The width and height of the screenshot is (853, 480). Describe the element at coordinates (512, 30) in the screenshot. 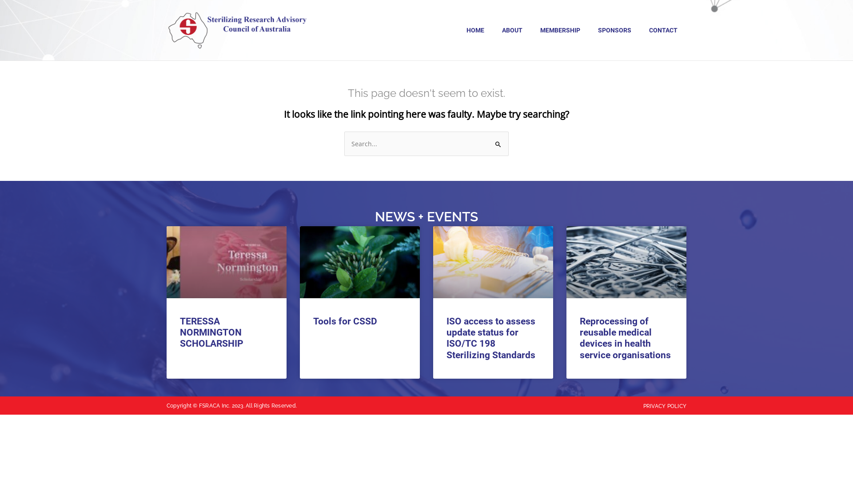

I see `'ABOUT'` at that location.